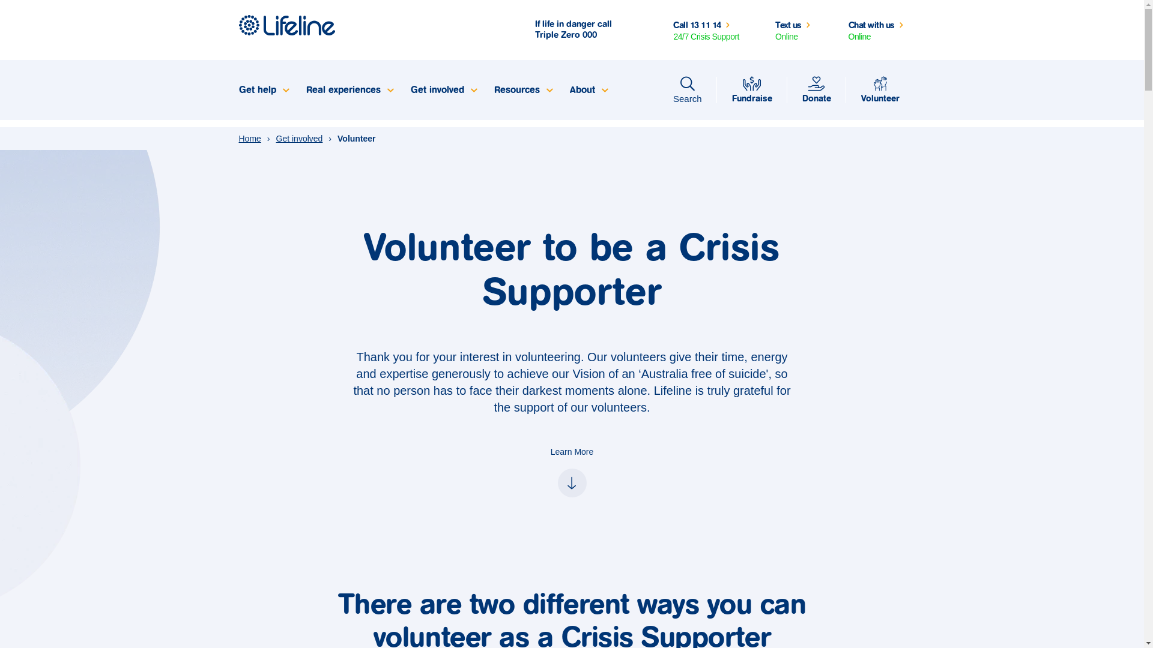  I want to click on 'Fundraise', so click(751, 89).